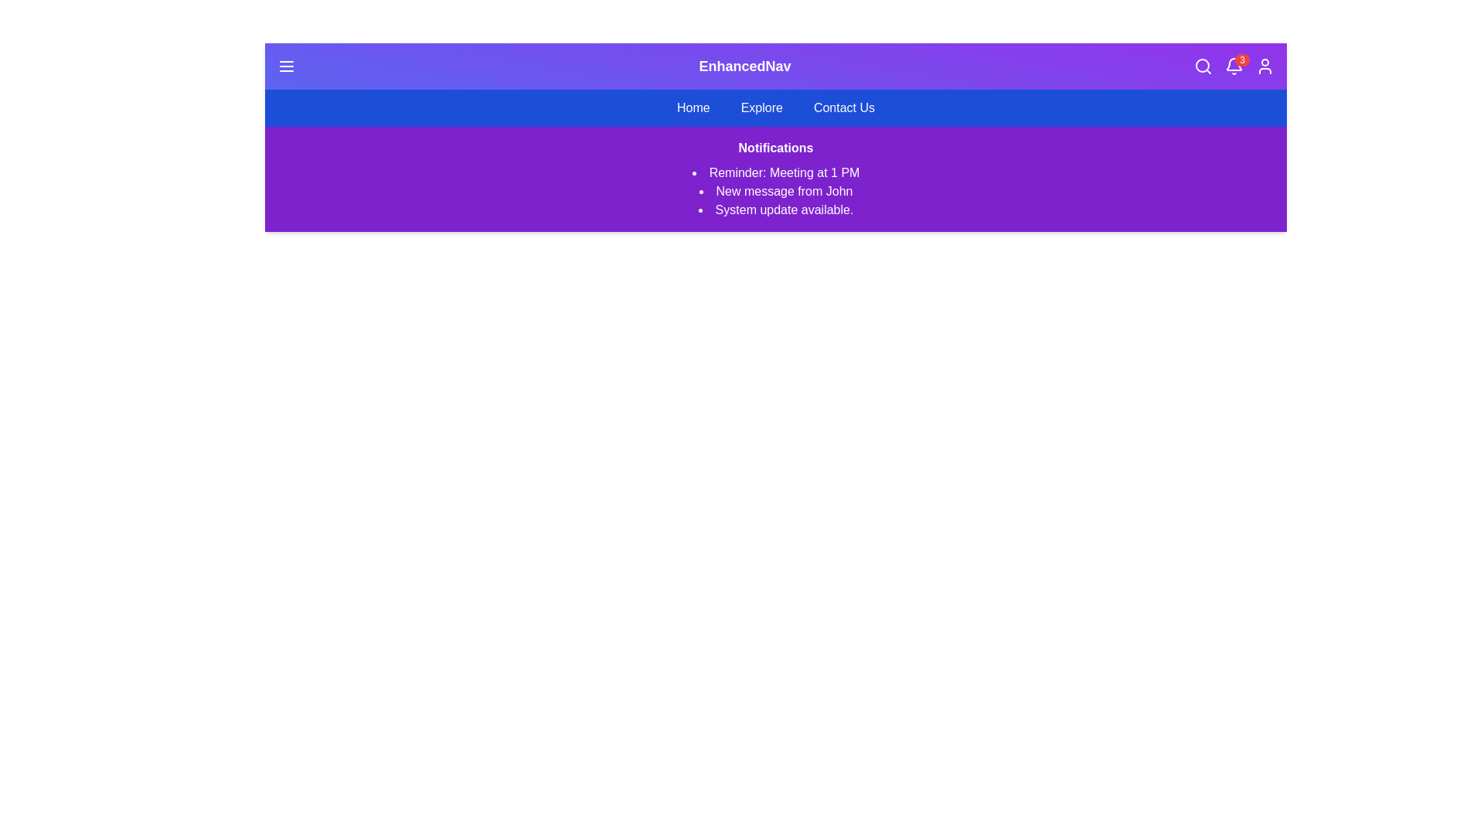 The height and width of the screenshot is (835, 1484). Describe the element at coordinates (843, 107) in the screenshot. I see `the 'Contact Us' button located in the top right corner of the navigation menu` at that location.